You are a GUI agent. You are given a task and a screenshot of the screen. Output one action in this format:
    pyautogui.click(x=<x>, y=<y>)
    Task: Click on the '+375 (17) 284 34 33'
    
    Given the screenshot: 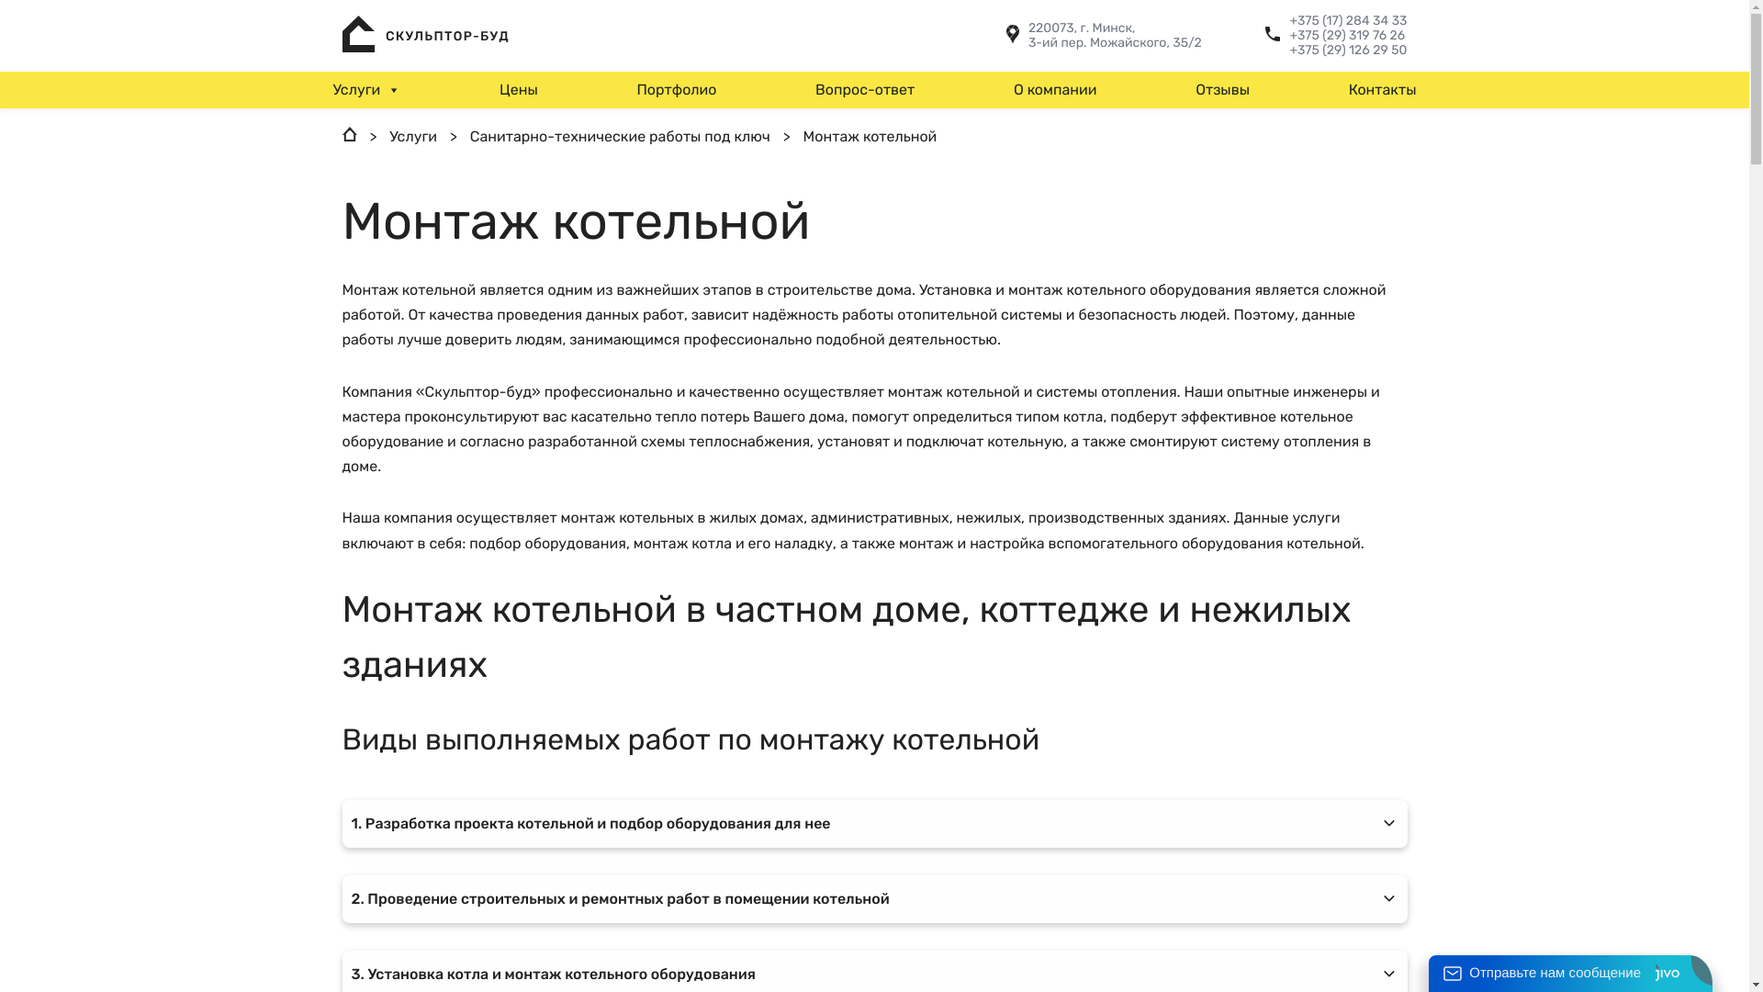 What is the action you would take?
    pyautogui.click(x=1348, y=21)
    